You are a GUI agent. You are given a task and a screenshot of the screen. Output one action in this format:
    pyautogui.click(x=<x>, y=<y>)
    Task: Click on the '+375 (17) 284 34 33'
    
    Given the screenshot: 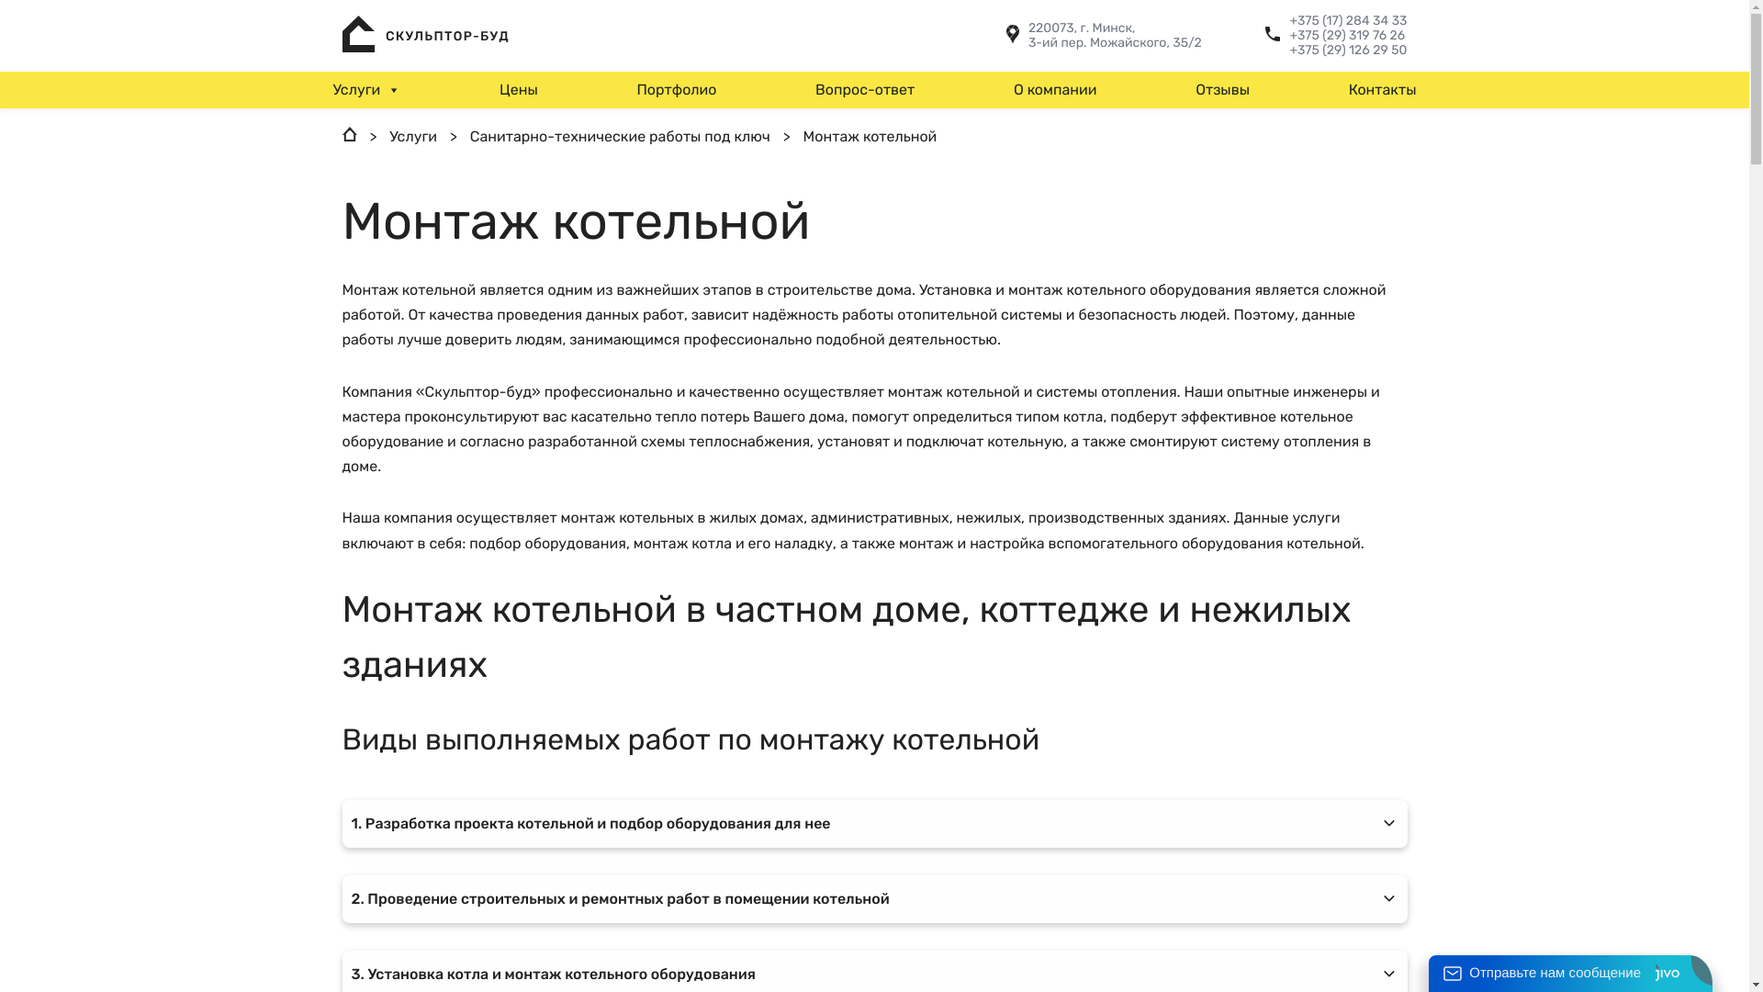 What is the action you would take?
    pyautogui.click(x=1348, y=21)
    